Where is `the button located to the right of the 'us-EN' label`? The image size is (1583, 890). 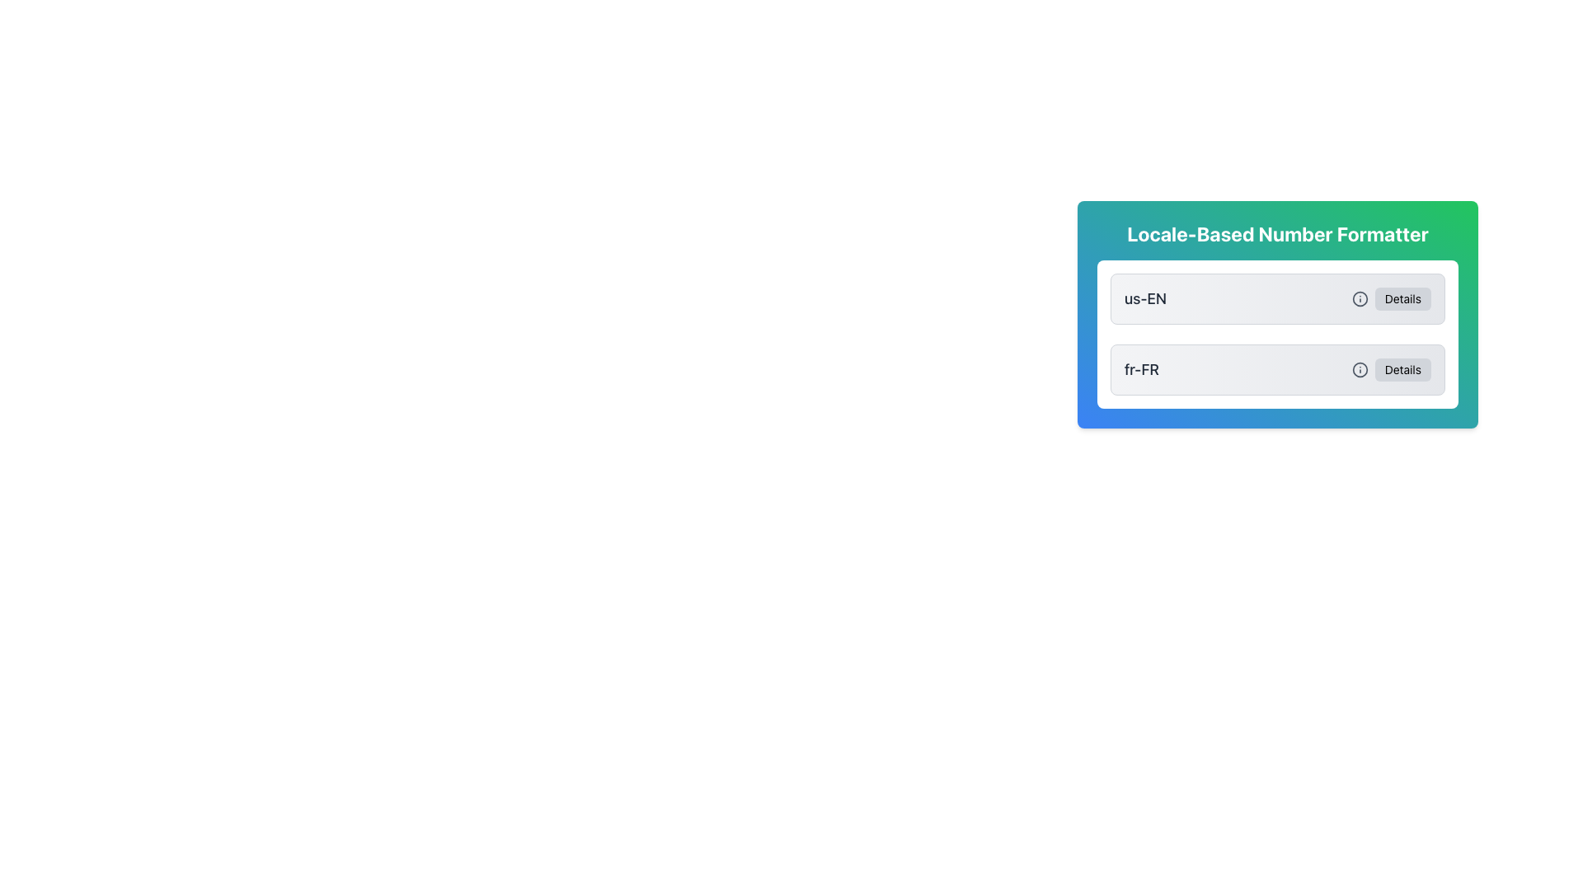 the button located to the right of the 'us-EN' label is located at coordinates (1390, 298).